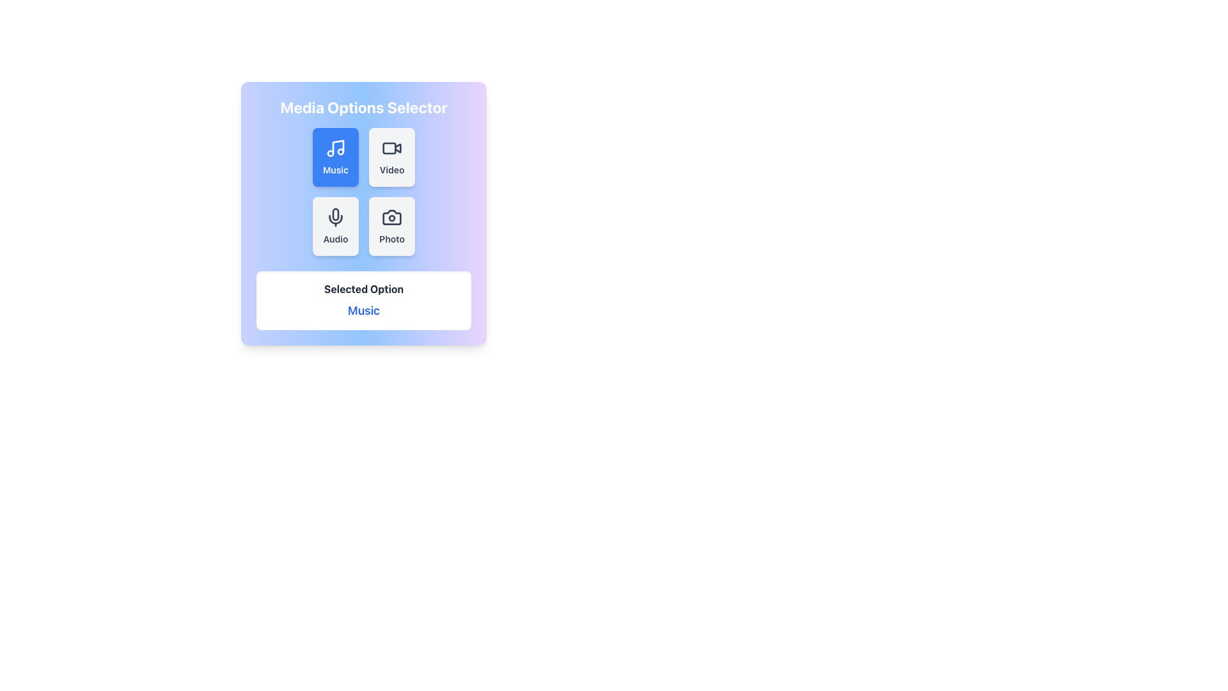 The image size is (1228, 691). I want to click on the 'Video' selection button located in the media selection interface, which is positioned at the top row, second column of a grid layout, so click(391, 157).